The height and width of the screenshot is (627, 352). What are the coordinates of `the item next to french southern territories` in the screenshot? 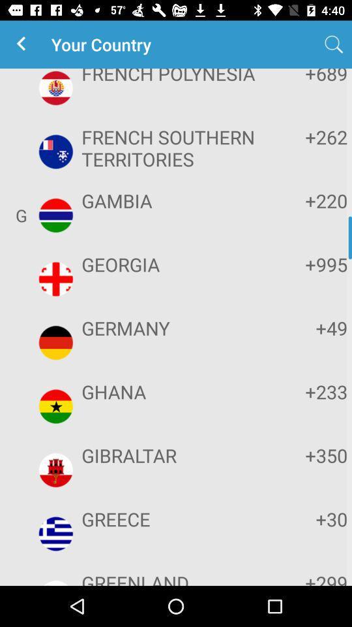 It's located at (307, 137).